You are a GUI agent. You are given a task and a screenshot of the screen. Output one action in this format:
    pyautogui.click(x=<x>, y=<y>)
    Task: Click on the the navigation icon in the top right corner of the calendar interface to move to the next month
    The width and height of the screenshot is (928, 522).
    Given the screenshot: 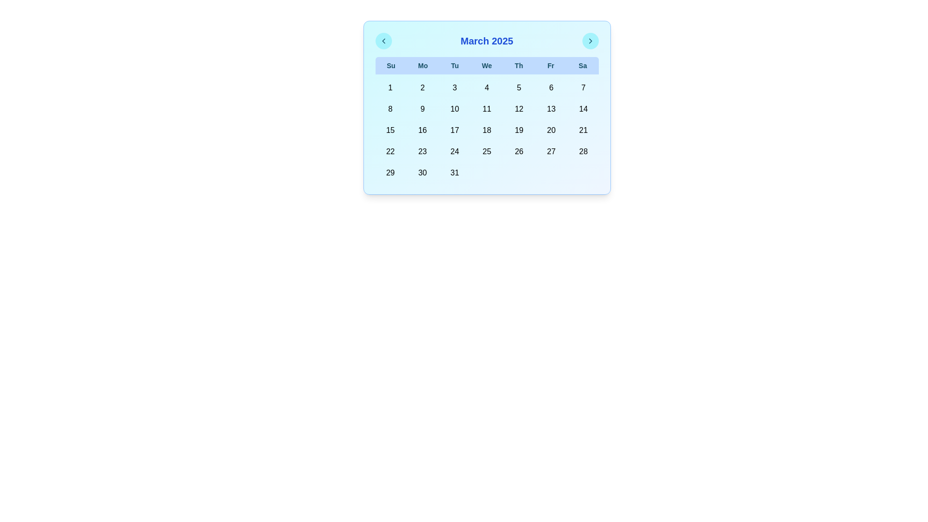 What is the action you would take?
    pyautogui.click(x=590, y=40)
    